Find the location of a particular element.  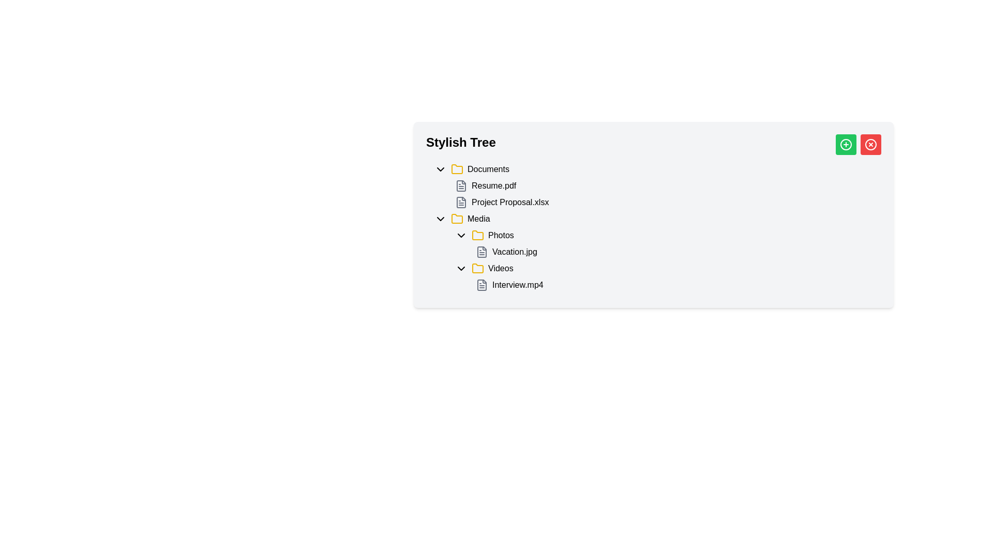

the document icon representing 'Resume.pdf', which is the first icon to the left of the text in the expandable tree under the 'Documents' group is located at coordinates (461, 185).